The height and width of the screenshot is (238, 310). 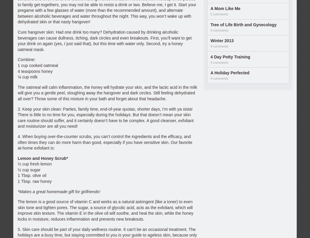 I want to click on '3. Keep your skin clean: Parties, family time, end-of-year quotas, shorter days, I’m with ya sista! There is little to no time for you, especially during the holidays. But that doesn’t mean your skin care routine should suffer, and it certainly doesn’t have to be complex. A good cleanser, exfoliant and moisturizer are all you need!', so click(x=105, y=117).